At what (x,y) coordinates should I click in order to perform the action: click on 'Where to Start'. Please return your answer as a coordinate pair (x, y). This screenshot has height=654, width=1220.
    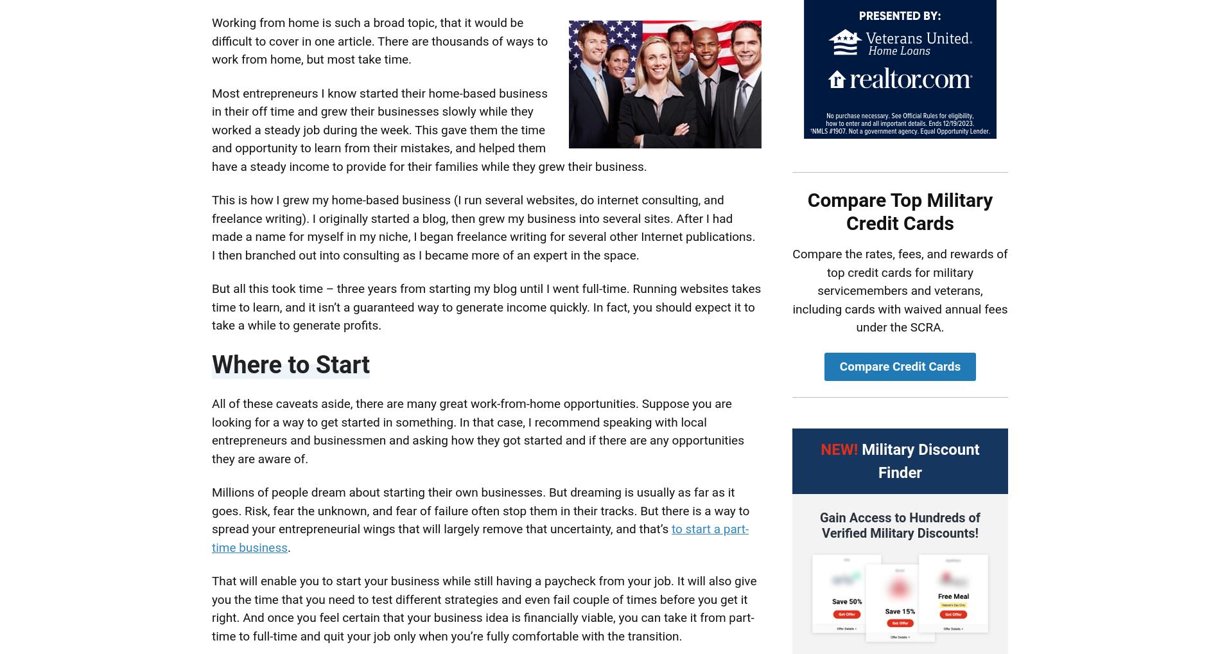
    Looking at the image, I should click on (290, 364).